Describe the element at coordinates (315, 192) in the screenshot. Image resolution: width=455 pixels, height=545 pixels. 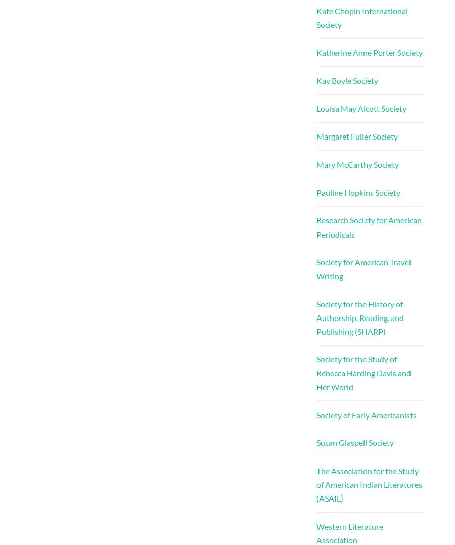
I see `'Pauline Hopkins Society'` at that location.